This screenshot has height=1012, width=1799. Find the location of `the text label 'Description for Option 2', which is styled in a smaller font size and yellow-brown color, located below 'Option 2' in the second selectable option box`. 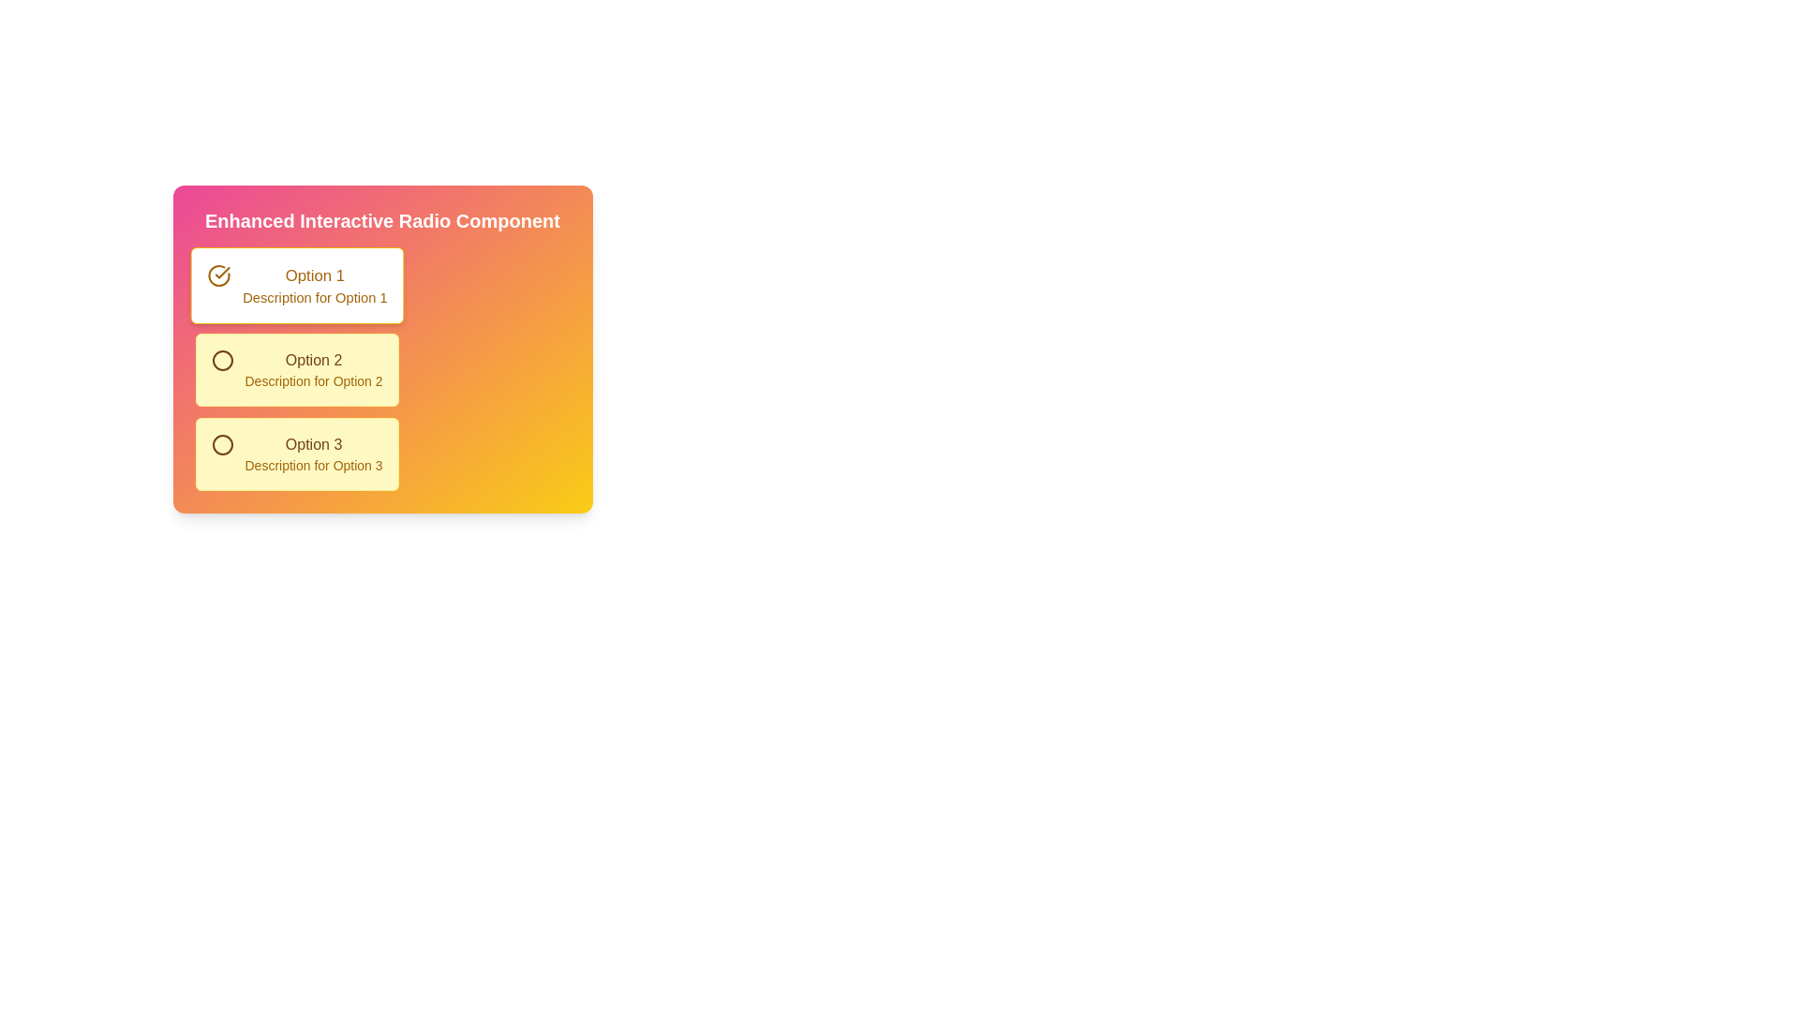

the text label 'Description for Option 2', which is styled in a smaller font size and yellow-brown color, located below 'Option 2' in the second selectable option box is located at coordinates (314, 380).